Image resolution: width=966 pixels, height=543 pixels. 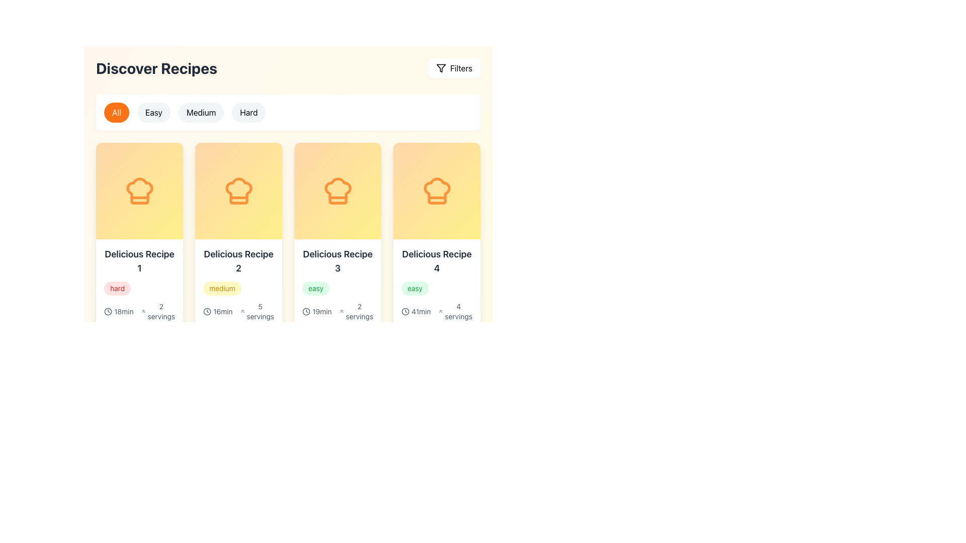 What do you see at coordinates (338, 261) in the screenshot?
I see `the bold text label titled 'Delicious Recipe 3', which is centrally positioned below an orange chef's hat icon in the third recipe card` at bounding box center [338, 261].